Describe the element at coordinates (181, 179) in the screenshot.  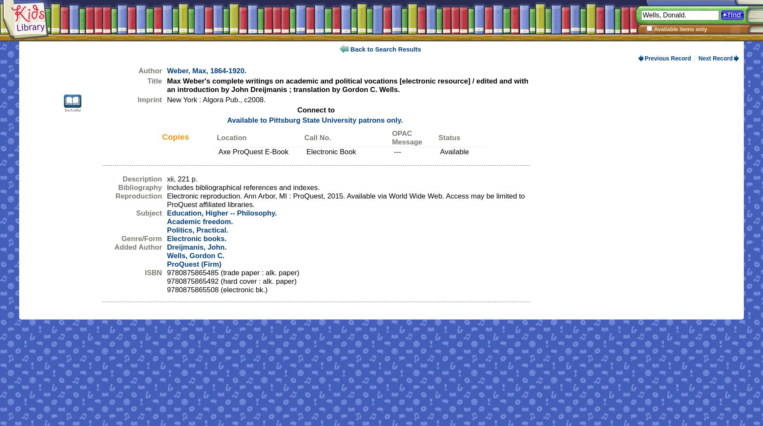
I see `'xii, 221 p.'` at that location.